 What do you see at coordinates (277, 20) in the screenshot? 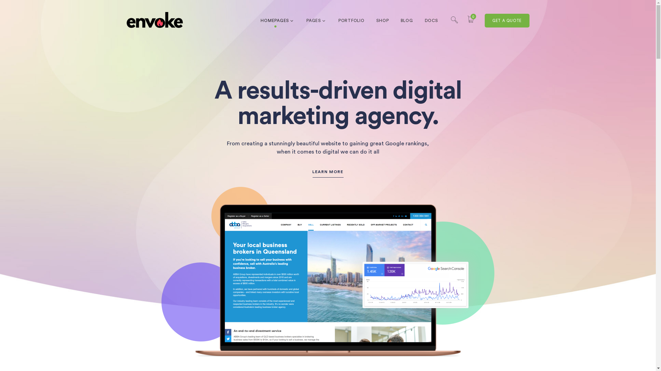
I see `'HOMEPAGES'` at bounding box center [277, 20].